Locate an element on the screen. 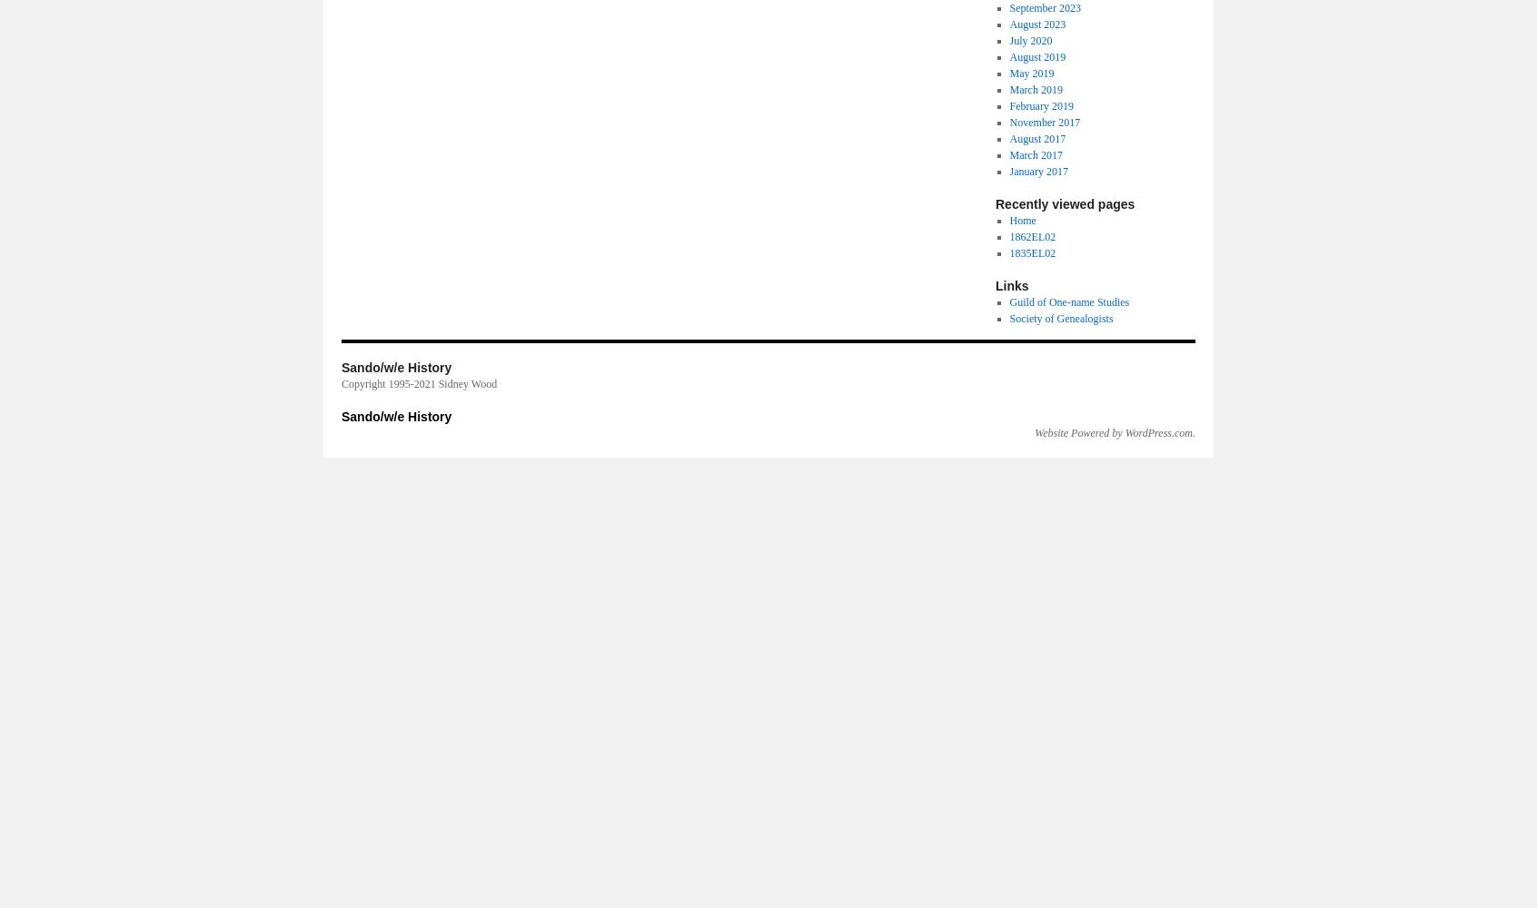 The width and height of the screenshot is (1537, 908). 'May 2019' is located at coordinates (1030, 73).